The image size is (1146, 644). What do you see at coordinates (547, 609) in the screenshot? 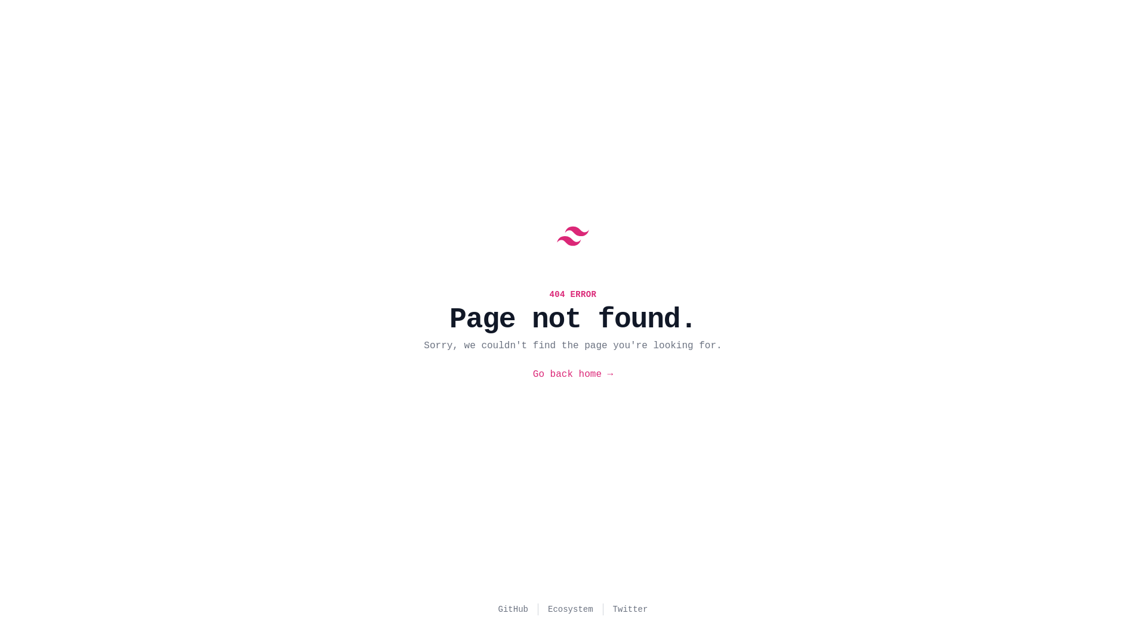
I see `'Ecosystem'` at bounding box center [547, 609].